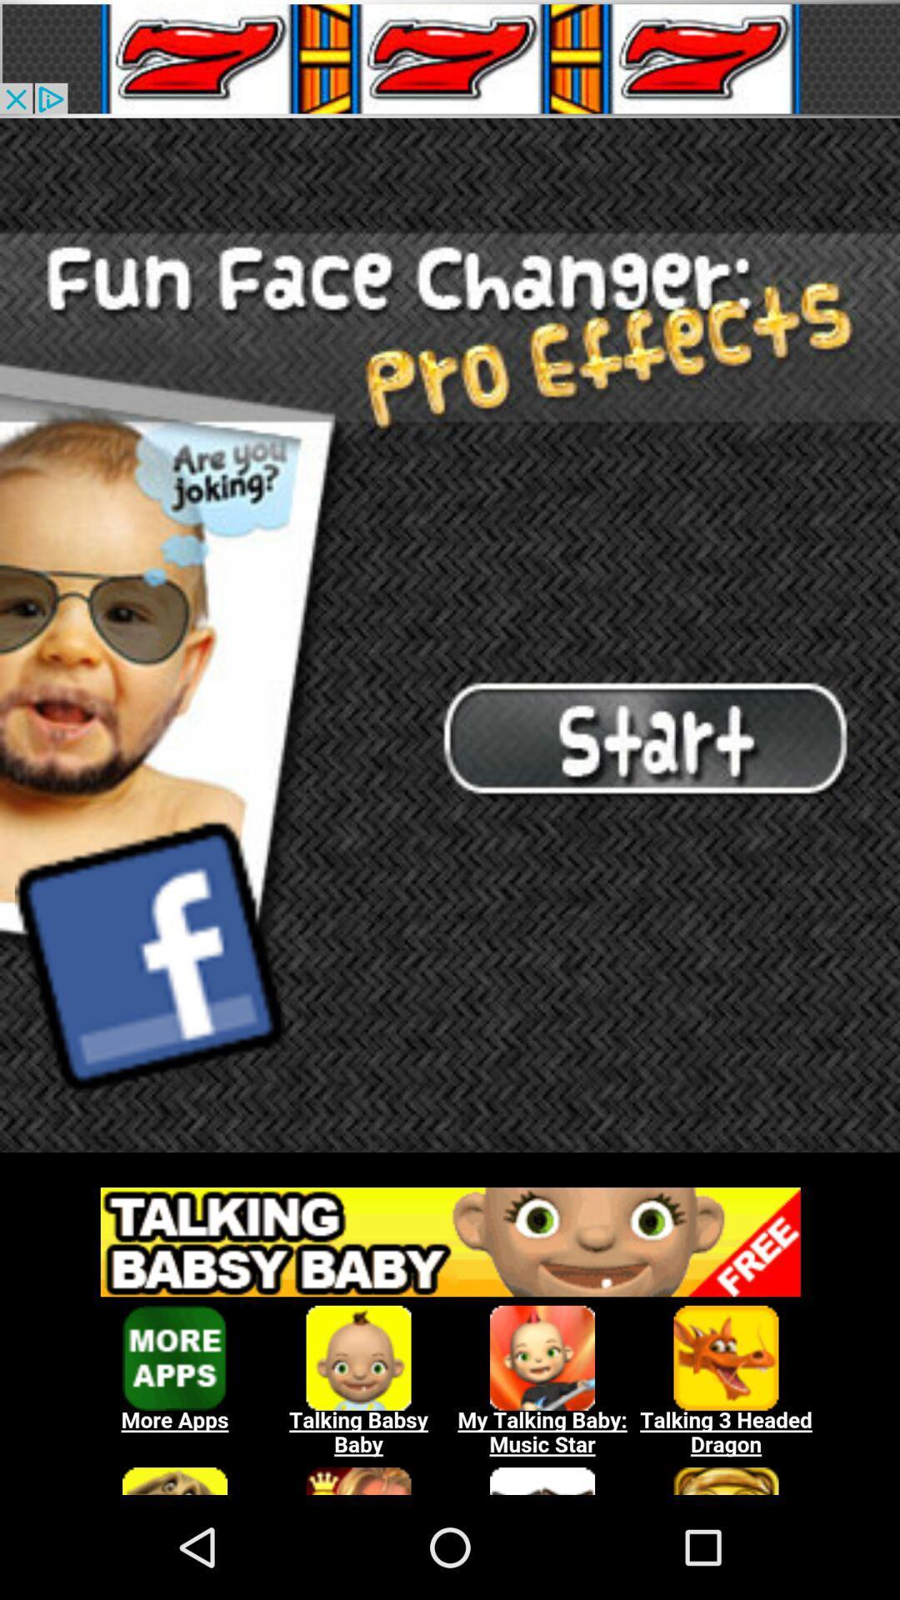 Image resolution: width=900 pixels, height=1600 pixels. What do you see at coordinates (450, 1331) in the screenshot?
I see `advertisements zone` at bounding box center [450, 1331].